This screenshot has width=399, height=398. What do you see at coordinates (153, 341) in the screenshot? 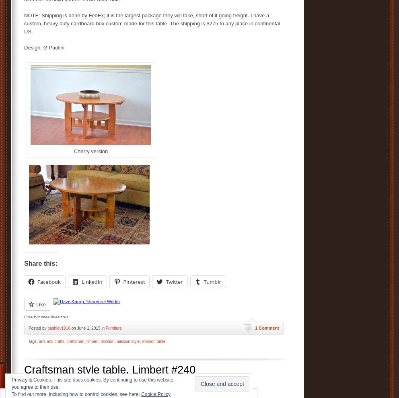
I see `'mission table'` at bounding box center [153, 341].